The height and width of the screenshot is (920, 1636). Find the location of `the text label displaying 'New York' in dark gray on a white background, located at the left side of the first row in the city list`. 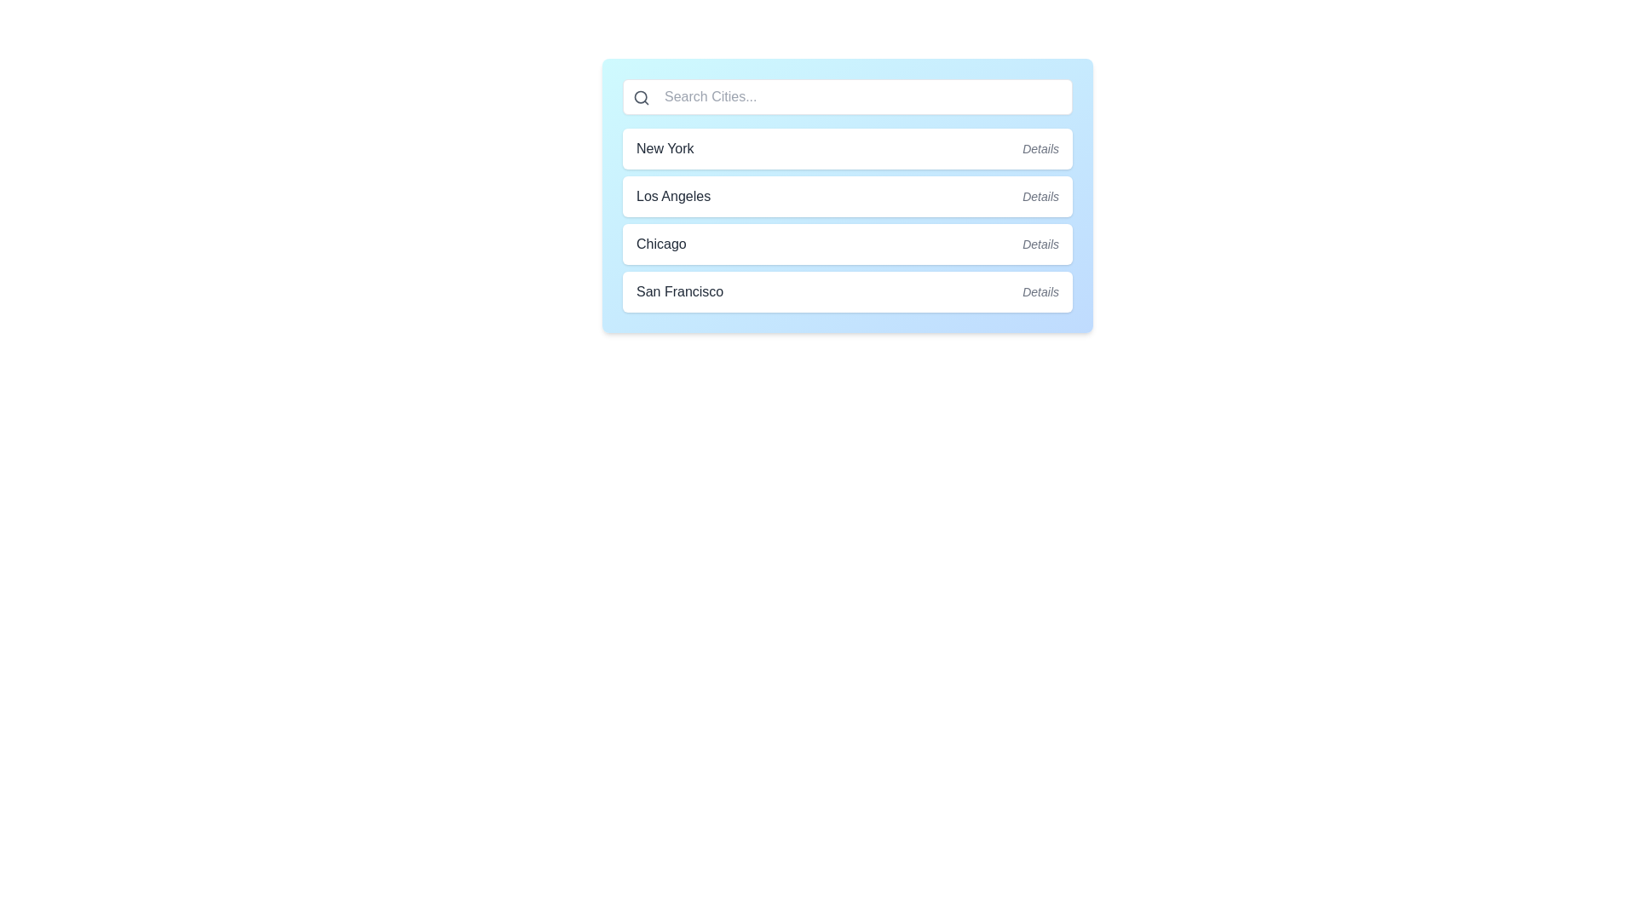

the text label displaying 'New York' in dark gray on a white background, located at the left side of the first row in the city list is located at coordinates (664, 147).